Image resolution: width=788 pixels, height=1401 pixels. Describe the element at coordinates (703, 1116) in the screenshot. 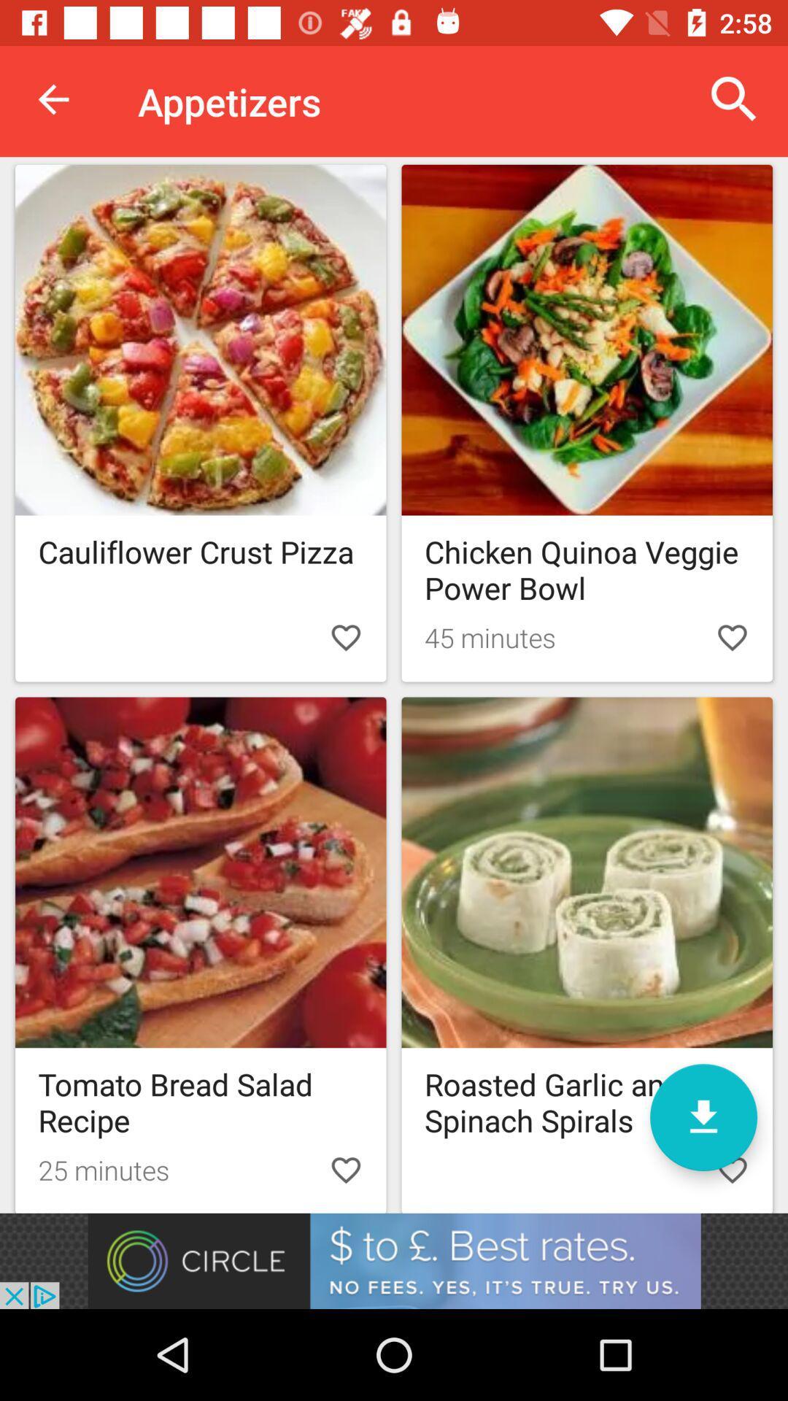

I see `the file_download icon` at that location.